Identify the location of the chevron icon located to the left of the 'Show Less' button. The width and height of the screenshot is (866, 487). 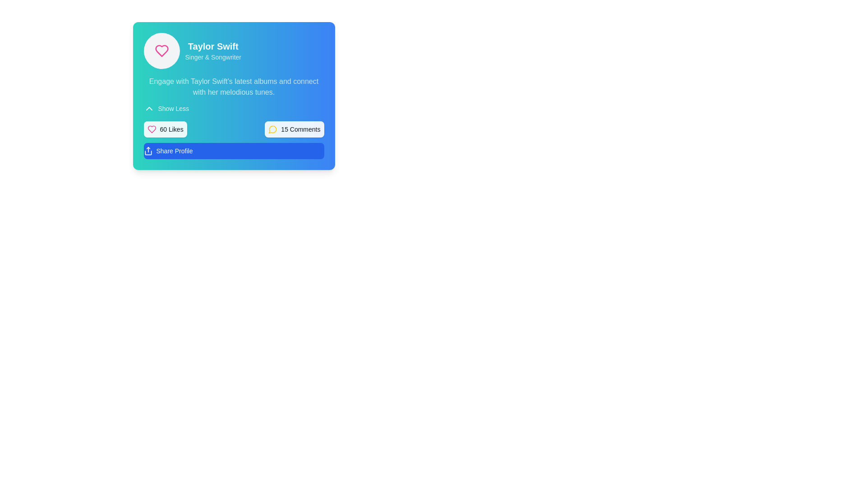
(149, 108).